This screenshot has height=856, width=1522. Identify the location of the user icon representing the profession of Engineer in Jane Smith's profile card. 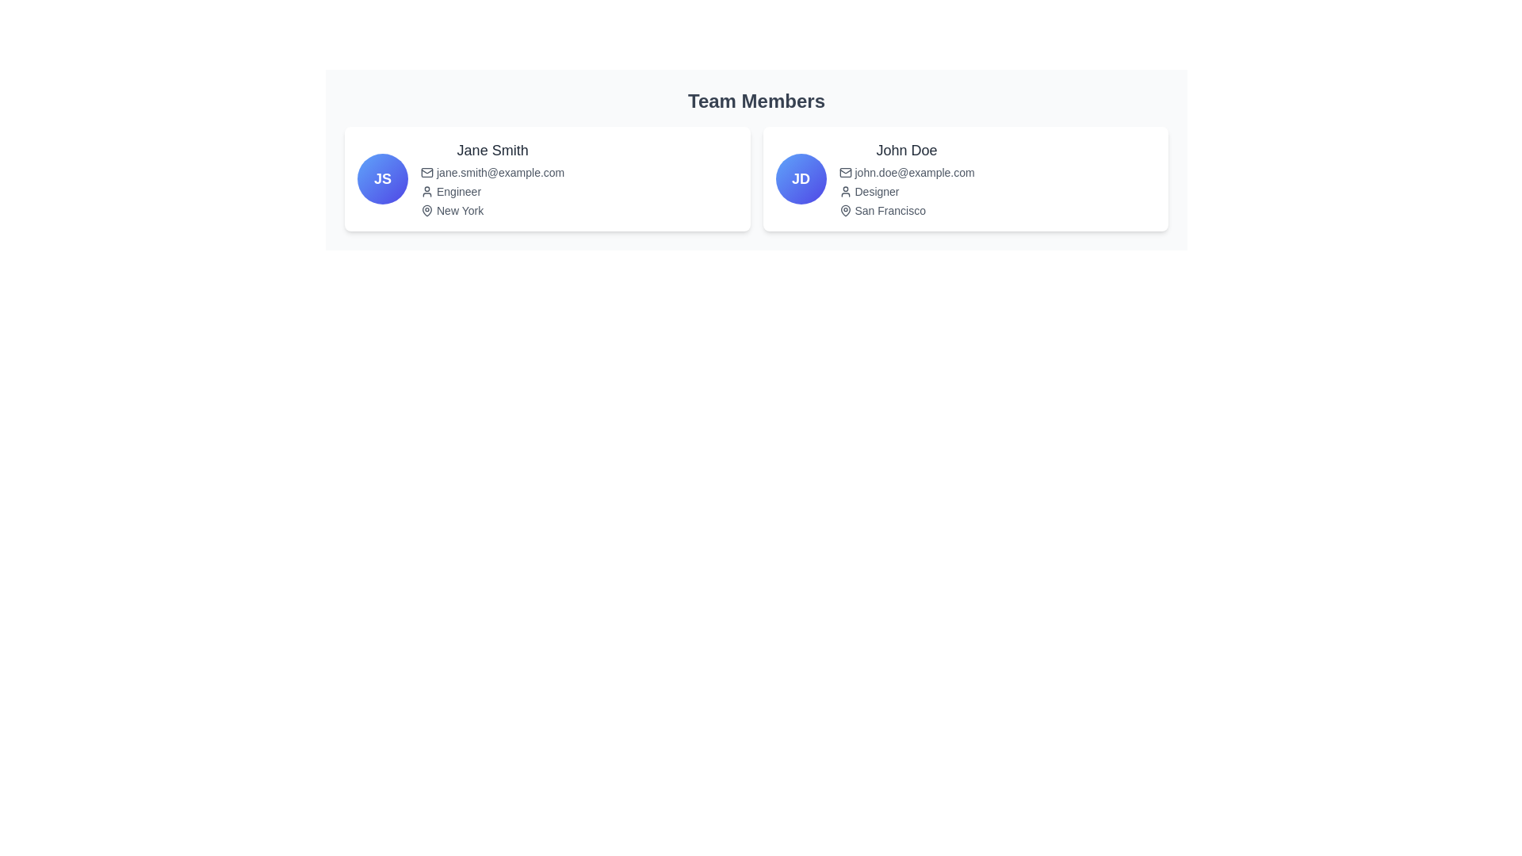
(426, 191).